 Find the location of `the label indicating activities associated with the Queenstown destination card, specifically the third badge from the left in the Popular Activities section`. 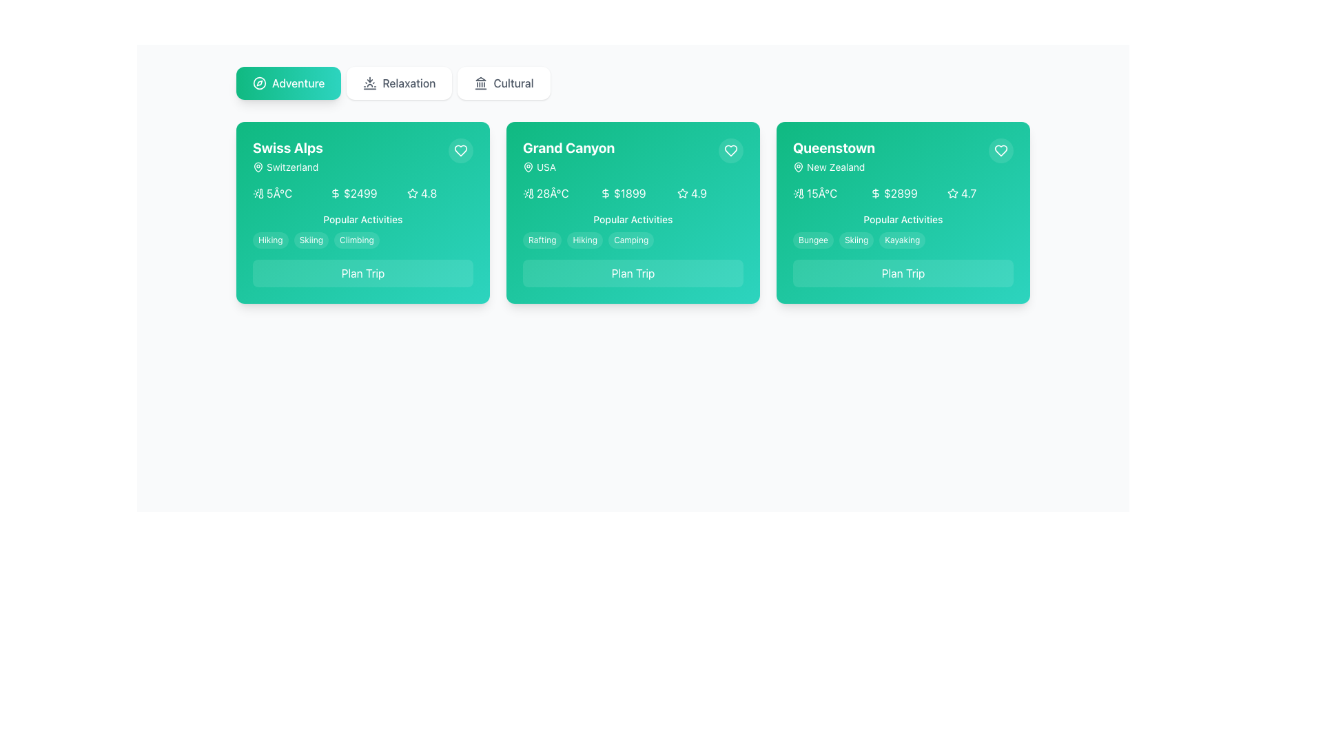

the label indicating activities associated with the Queenstown destination card, specifically the third badge from the left in the Popular Activities section is located at coordinates (902, 239).